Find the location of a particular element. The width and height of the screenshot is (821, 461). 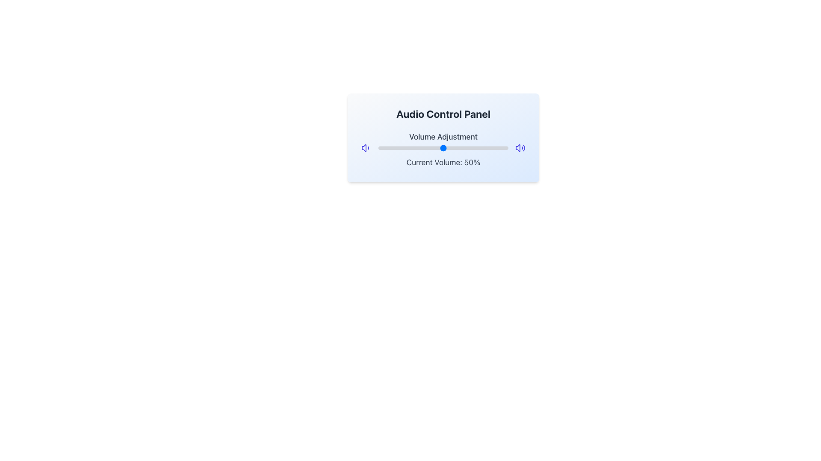

the volume is located at coordinates (412, 146).